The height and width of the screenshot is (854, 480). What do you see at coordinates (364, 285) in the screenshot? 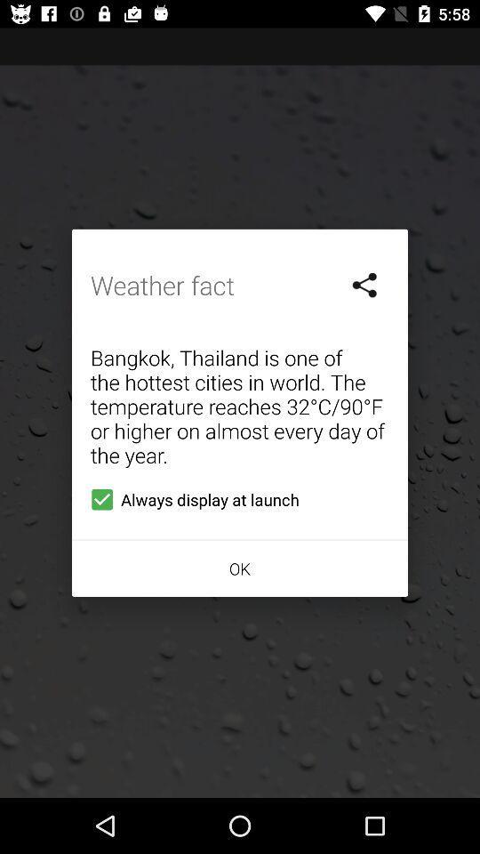
I see `item to the right of weather fact item` at bounding box center [364, 285].